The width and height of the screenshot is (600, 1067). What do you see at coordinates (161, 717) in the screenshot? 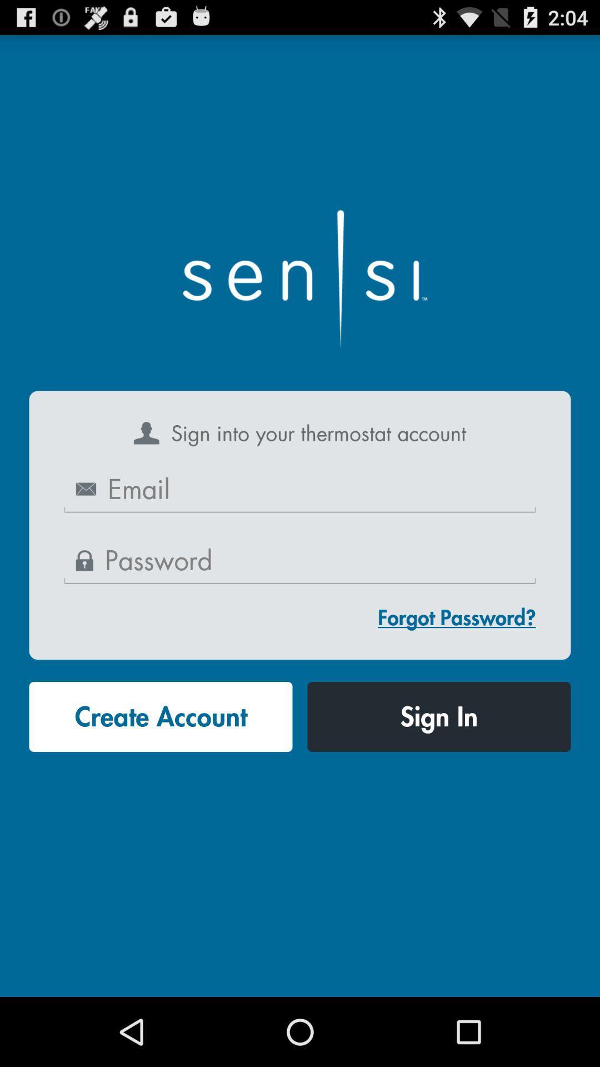
I see `the button at the bottom left corner` at bounding box center [161, 717].